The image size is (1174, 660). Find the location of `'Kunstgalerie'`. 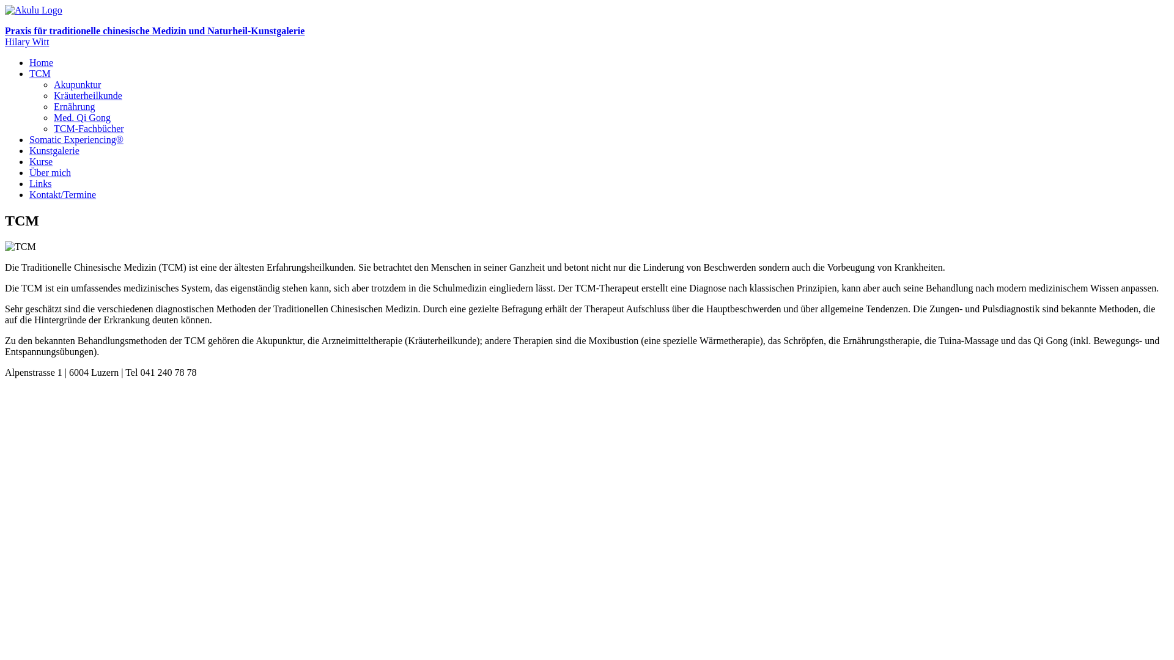

'Kunstgalerie' is located at coordinates (29, 150).